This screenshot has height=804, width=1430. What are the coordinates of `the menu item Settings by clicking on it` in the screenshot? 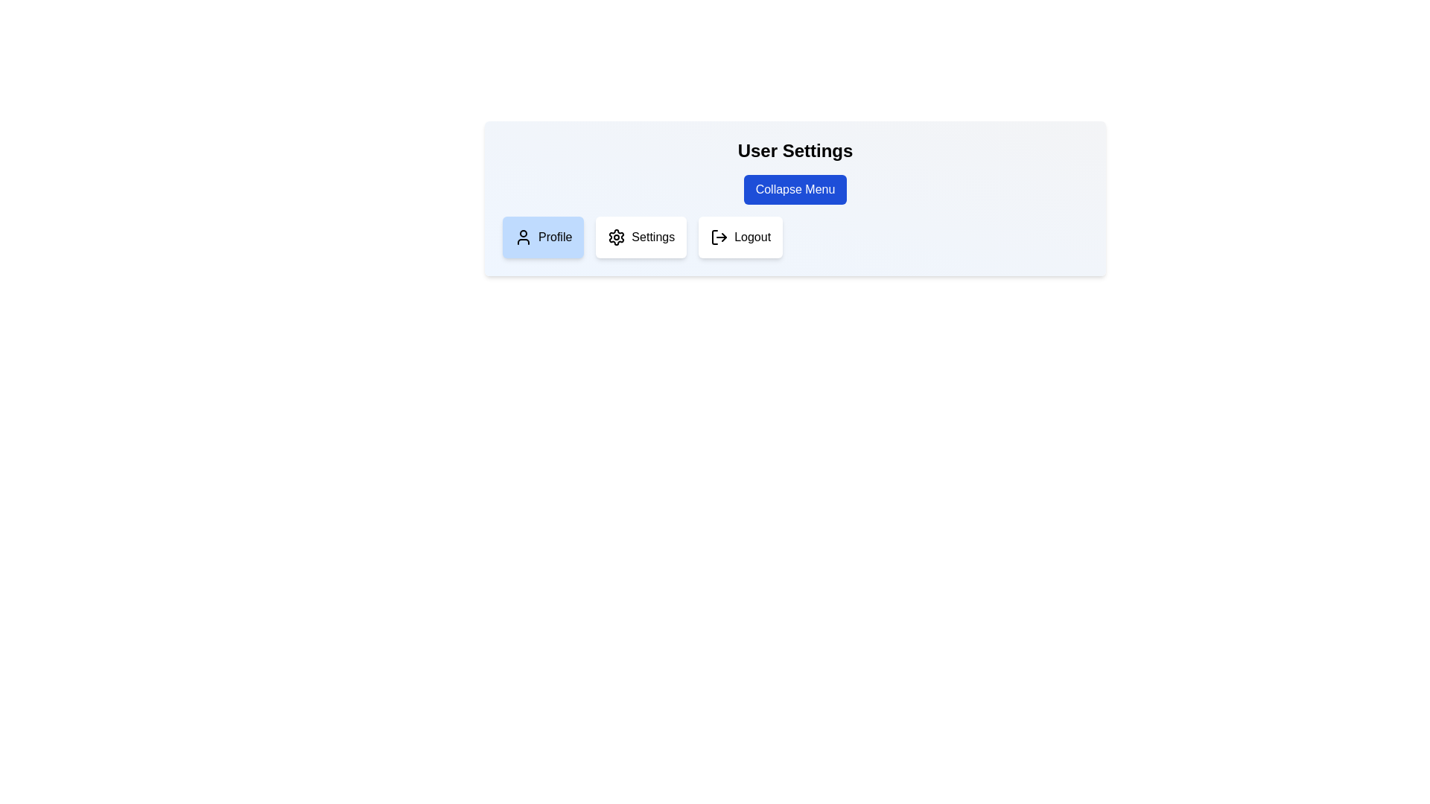 It's located at (641, 237).